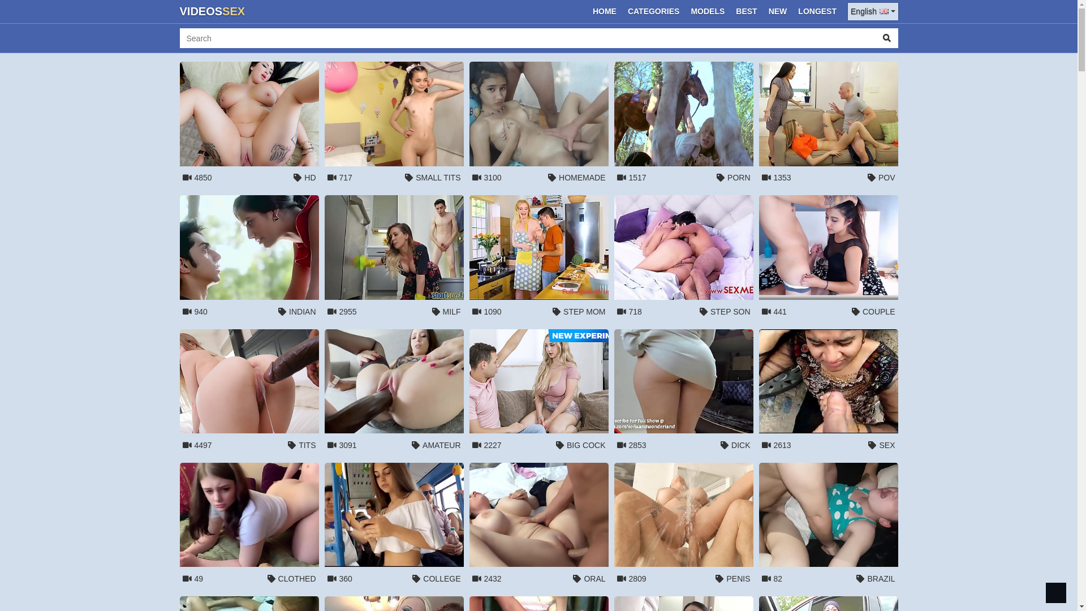 This screenshot has width=1086, height=611. What do you see at coordinates (872, 11) in the screenshot?
I see `'English'` at bounding box center [872, 11].